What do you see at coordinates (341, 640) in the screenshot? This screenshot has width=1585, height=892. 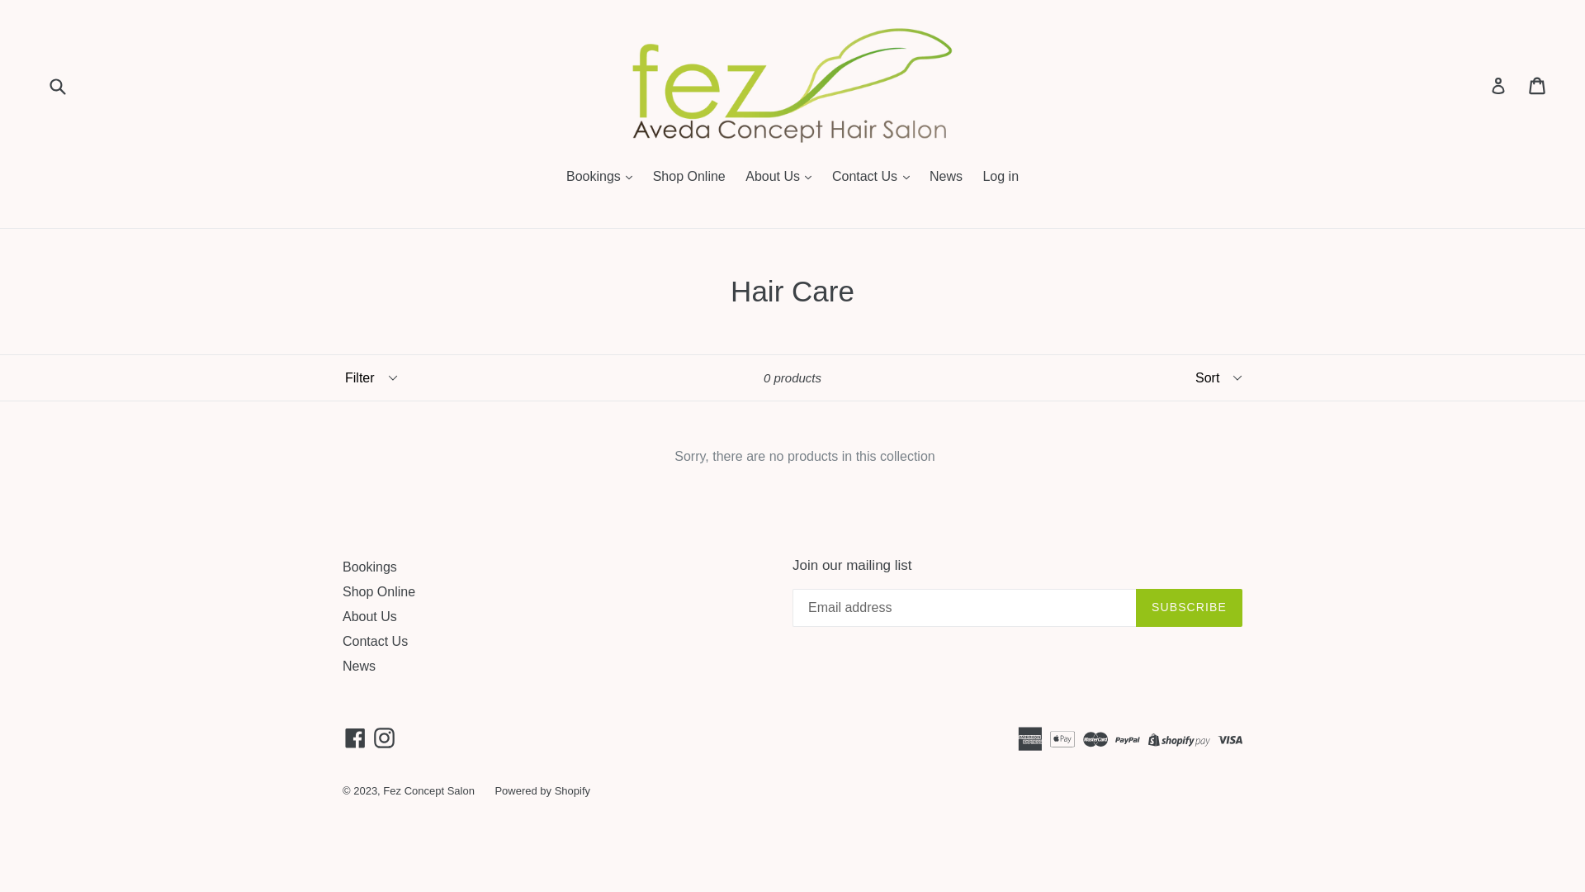 I see `'Contact Us'` at bounding box center [341, 640].